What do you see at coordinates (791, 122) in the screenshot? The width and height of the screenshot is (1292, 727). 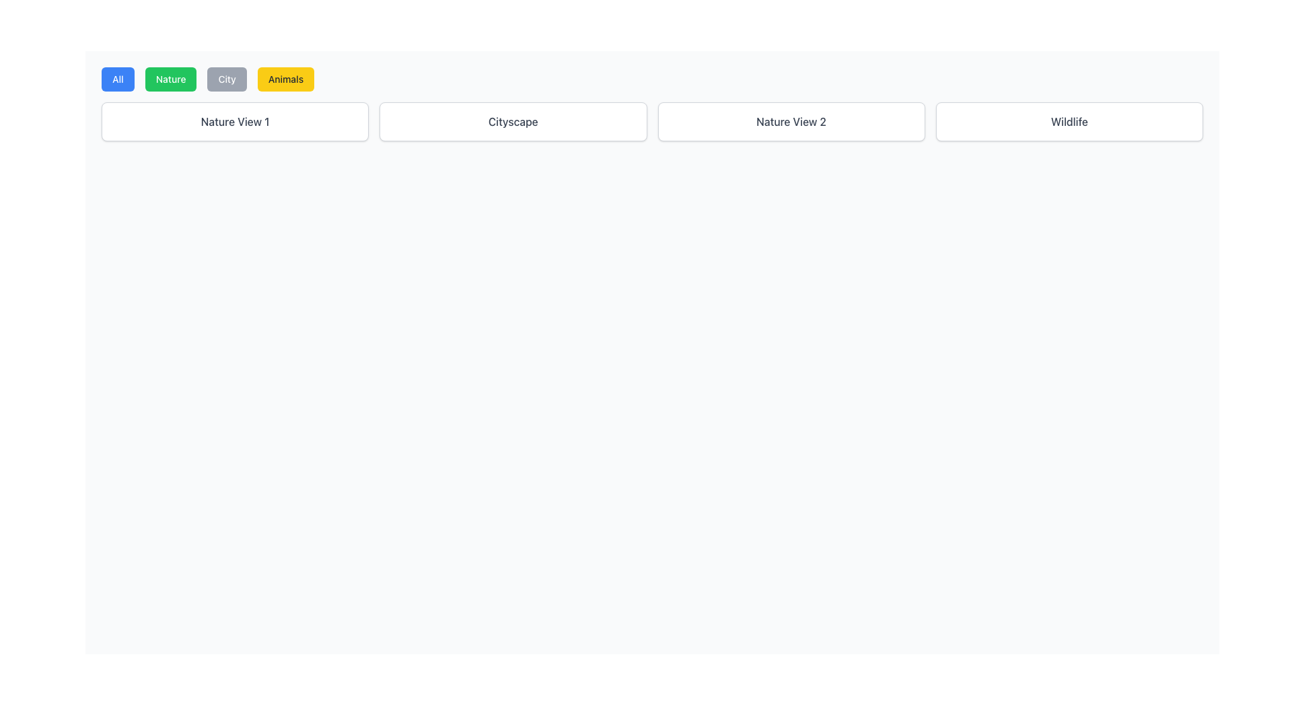 I see `the button associated with the category 'Nature View 2'` at bounding box center [791, 122].